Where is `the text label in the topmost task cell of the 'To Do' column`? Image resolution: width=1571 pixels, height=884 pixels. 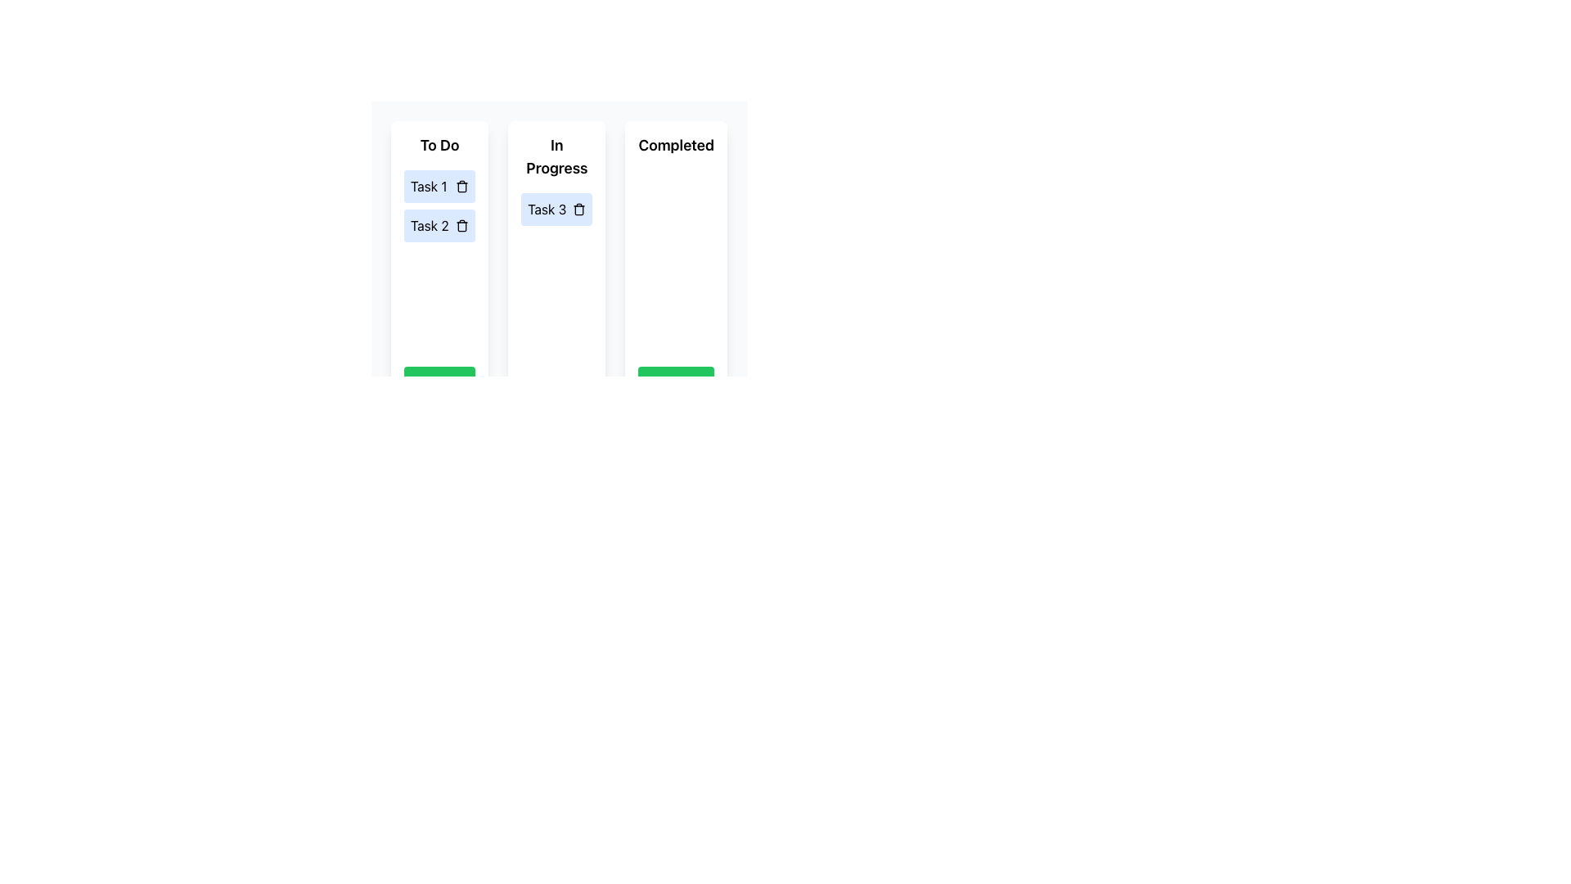
the text label in the topmost task cell of the 'To Do' column is located at coordinates (429, 185).